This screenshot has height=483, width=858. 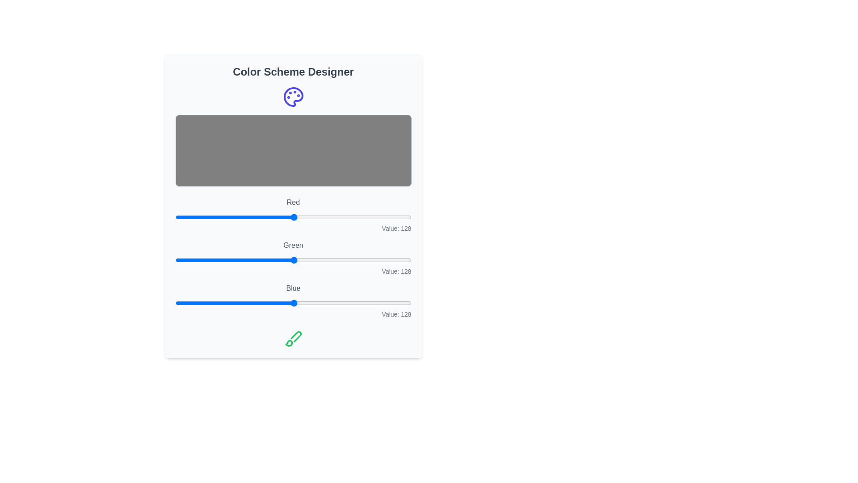 What do you see at coordinates (241, 303) in the screenshot?
I see `the slider value` at bounding box center [241, 303].